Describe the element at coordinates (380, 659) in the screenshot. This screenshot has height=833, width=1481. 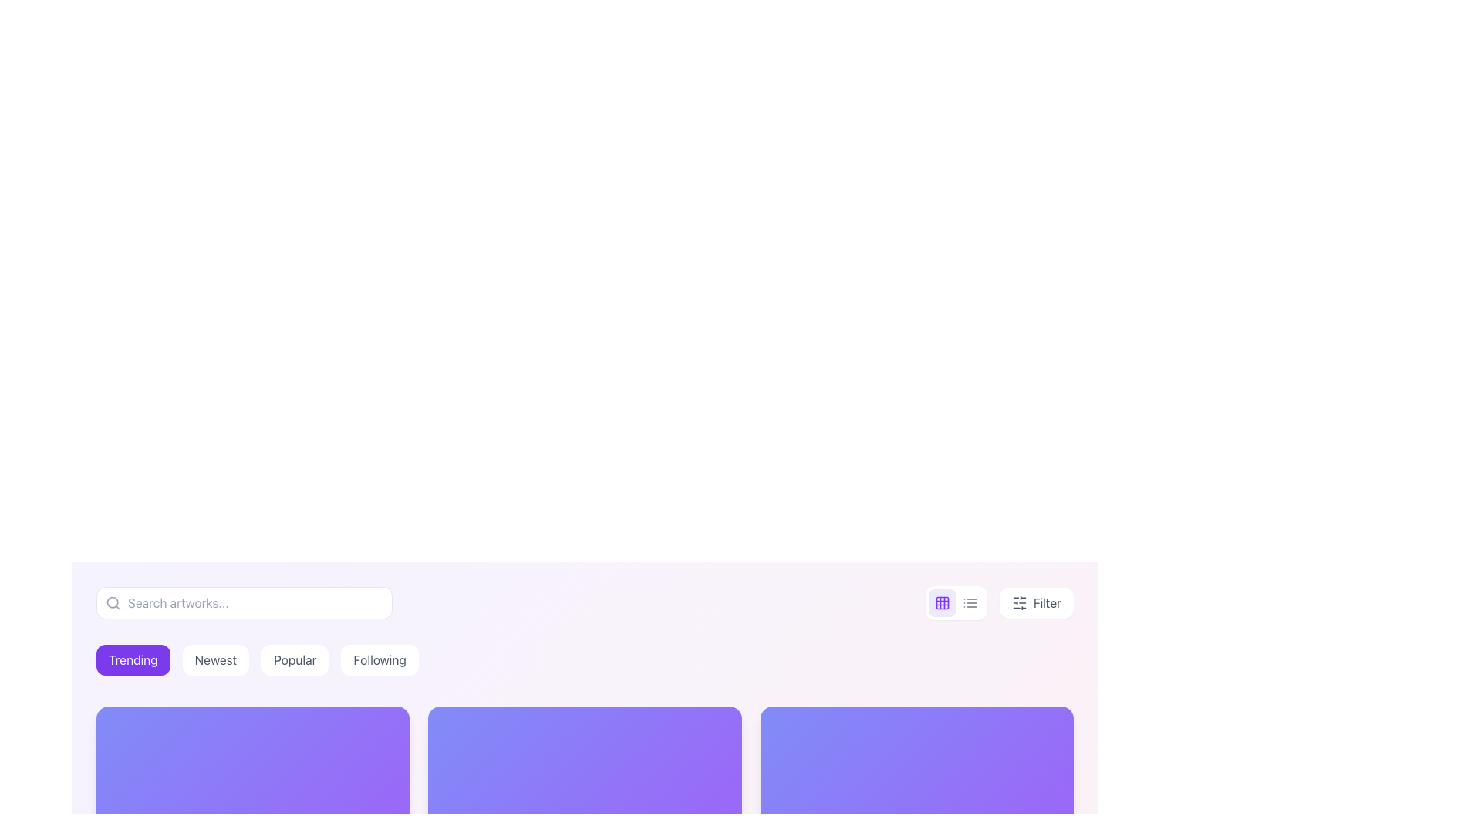
I see `the fourth button in the horizontal menu bar` at that location.